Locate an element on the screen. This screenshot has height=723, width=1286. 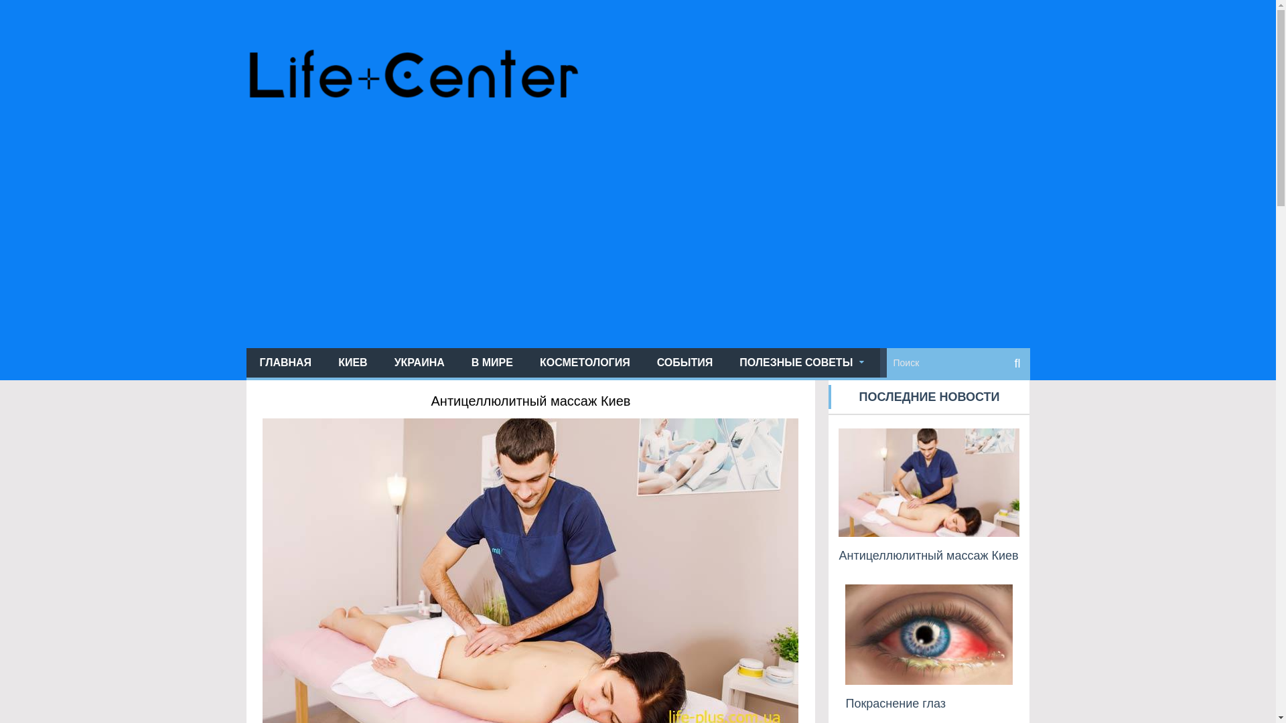
'Advertisement' is located at coordinates (636, 240).